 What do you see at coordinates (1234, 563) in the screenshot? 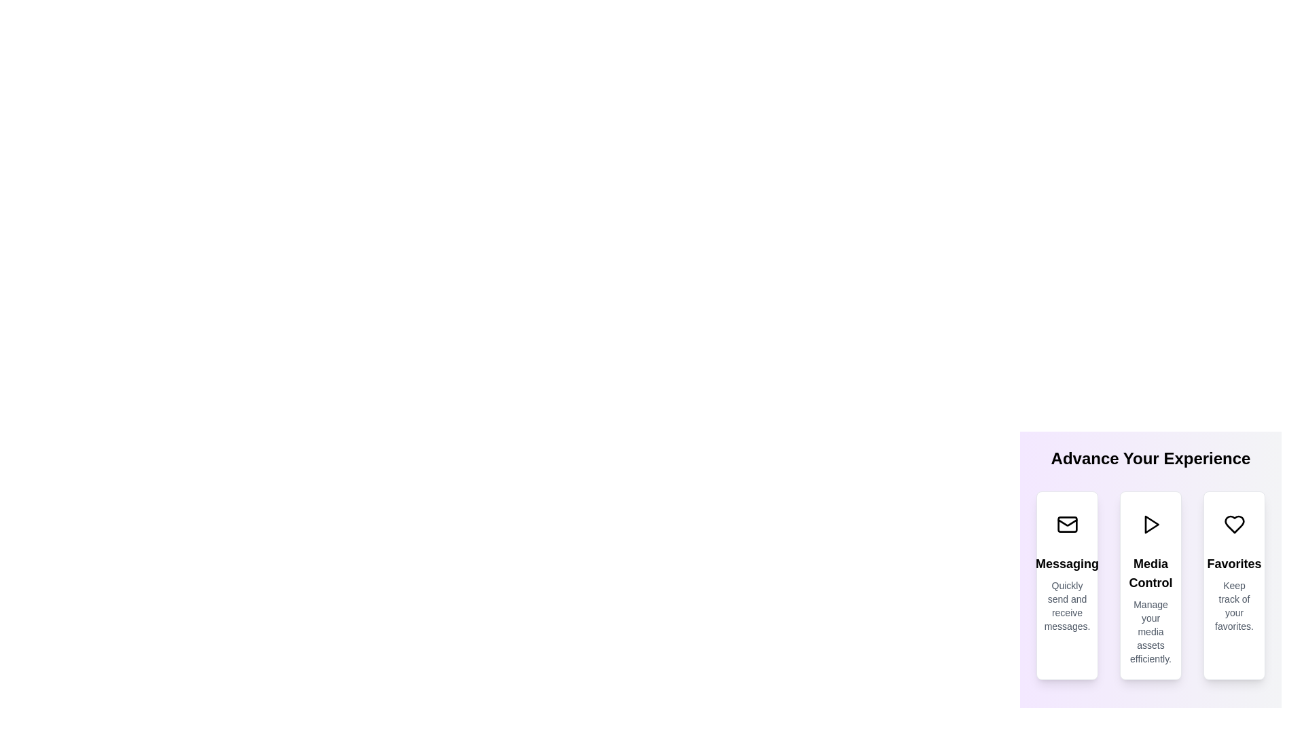
I see `text label titled 'Favorites', which serves as a title for the associated card in the three-card layout under the section title 'Advance Your Experience'` at bounding box center [1234, 563].